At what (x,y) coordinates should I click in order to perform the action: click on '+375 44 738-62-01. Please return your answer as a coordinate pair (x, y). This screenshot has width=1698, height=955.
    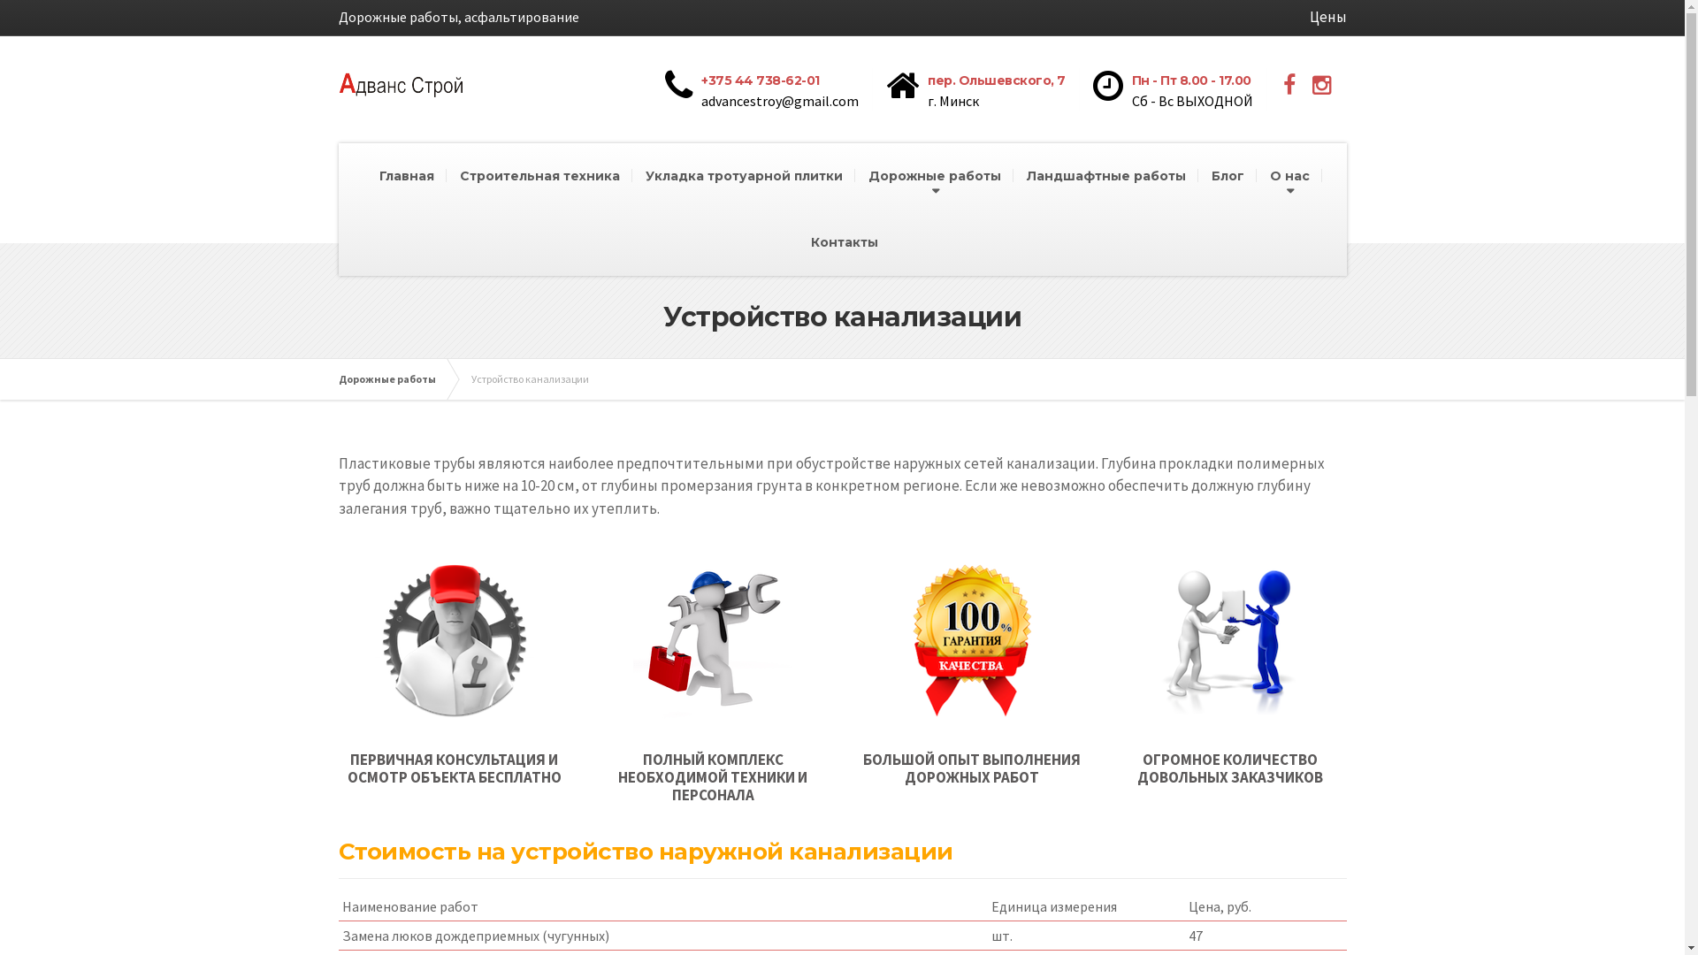
    Looking at the image, I should click on (769, 88).